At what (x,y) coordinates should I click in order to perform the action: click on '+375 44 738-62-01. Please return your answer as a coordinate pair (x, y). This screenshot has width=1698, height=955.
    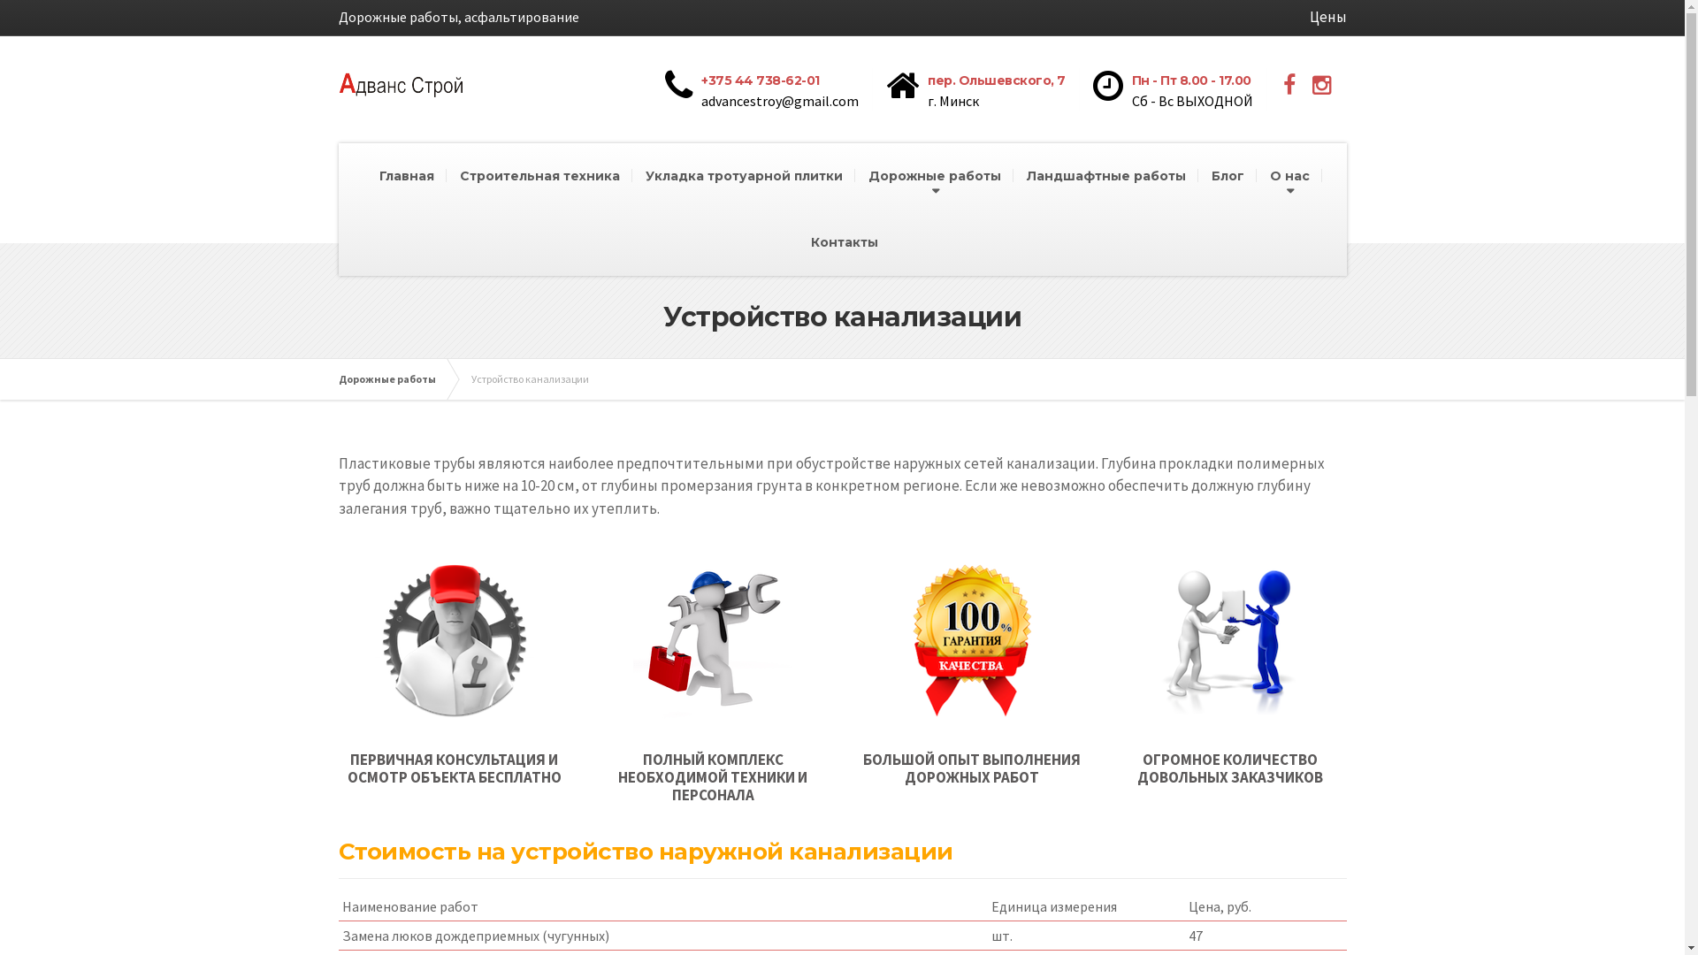
    Looking at the image, I should click on (769, 88).